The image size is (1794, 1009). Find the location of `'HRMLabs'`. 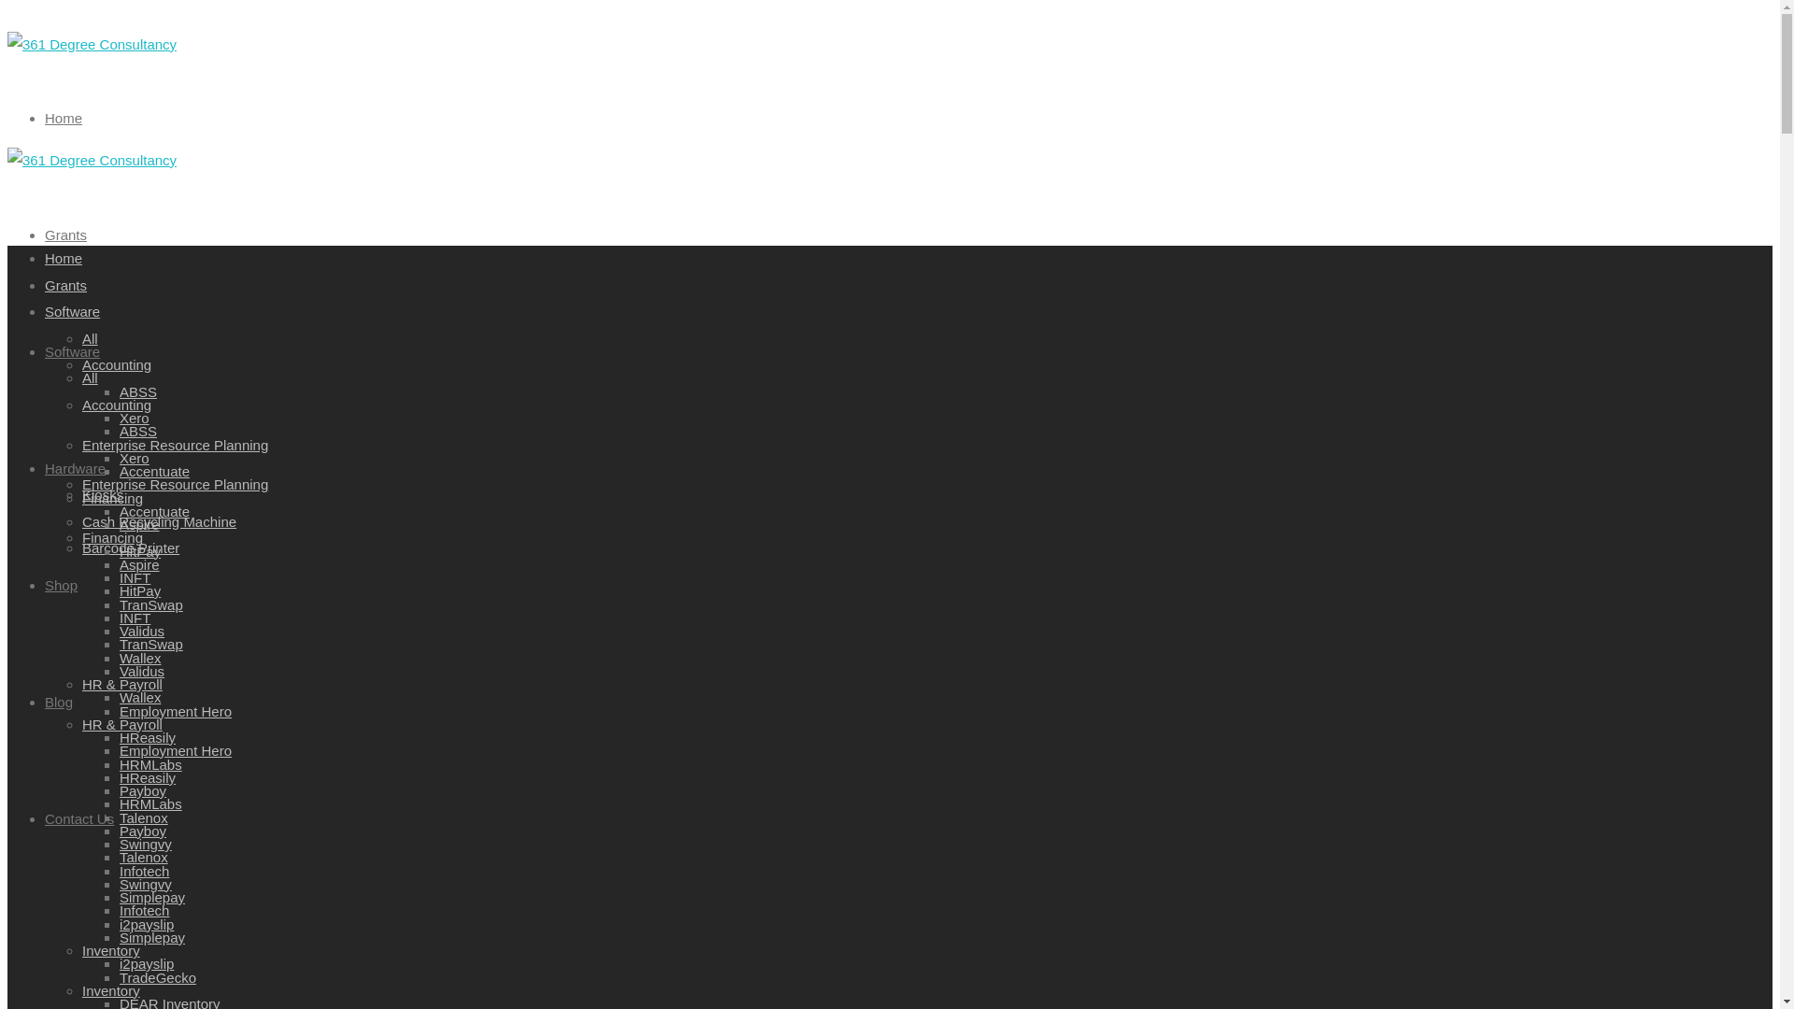

'HRMLabs' is located at coordinates (150, 764).